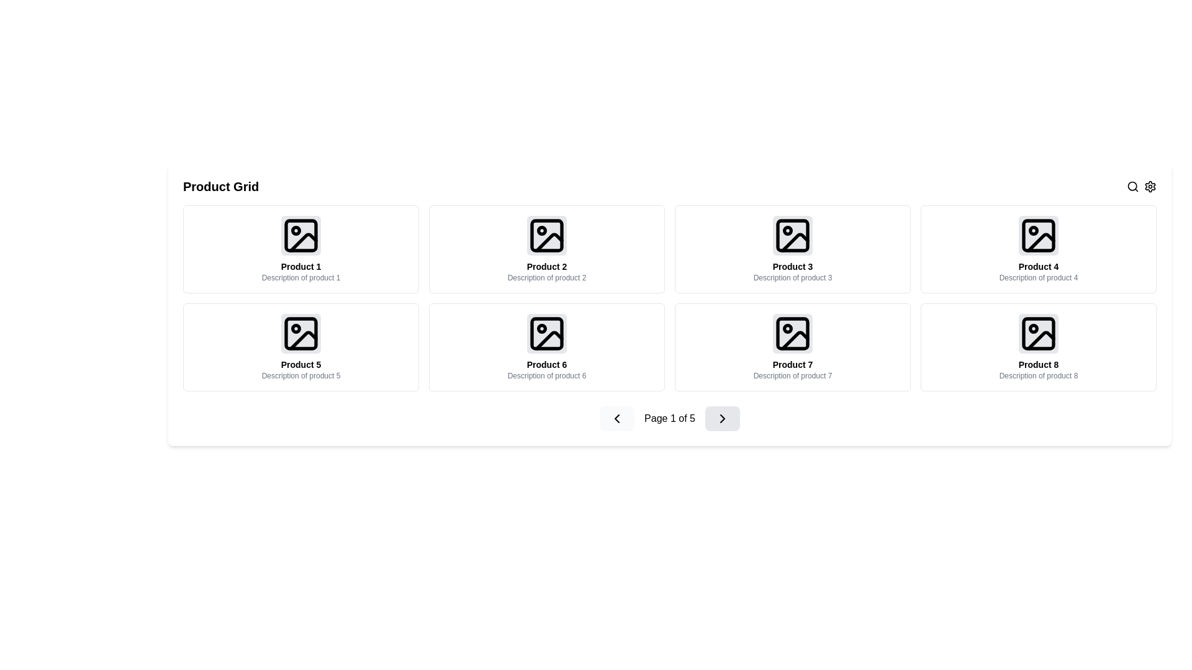 Image resolution: width=1192 pixels, height=670 pixels. What do you see at coordinates (1132, 186) in the screenshot?
I see `the search icon located at the top-right corner of the layout` at bounding box center [1132, 186].